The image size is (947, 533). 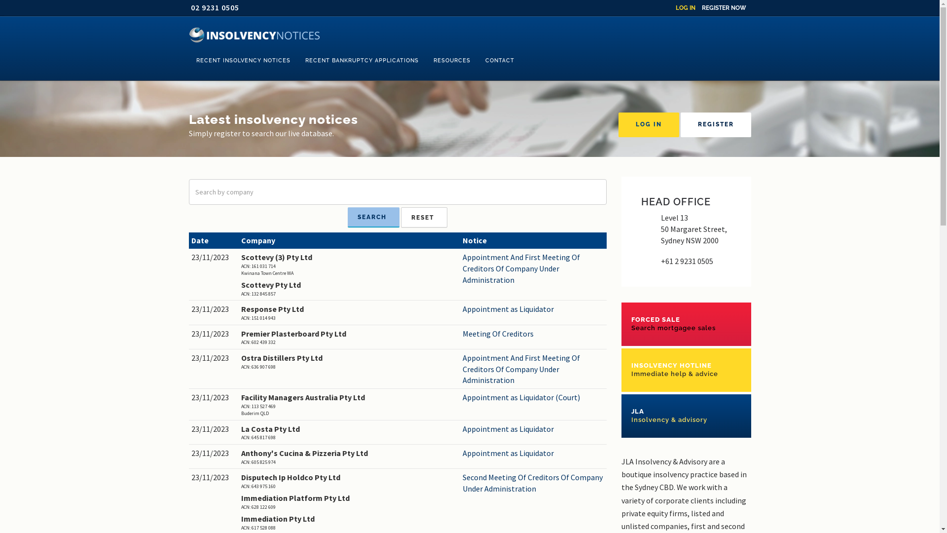 What do you see at coordinates (451, 61) in the screenshot?
I see `'RESOURCES'` at bounding box center [451, 61].